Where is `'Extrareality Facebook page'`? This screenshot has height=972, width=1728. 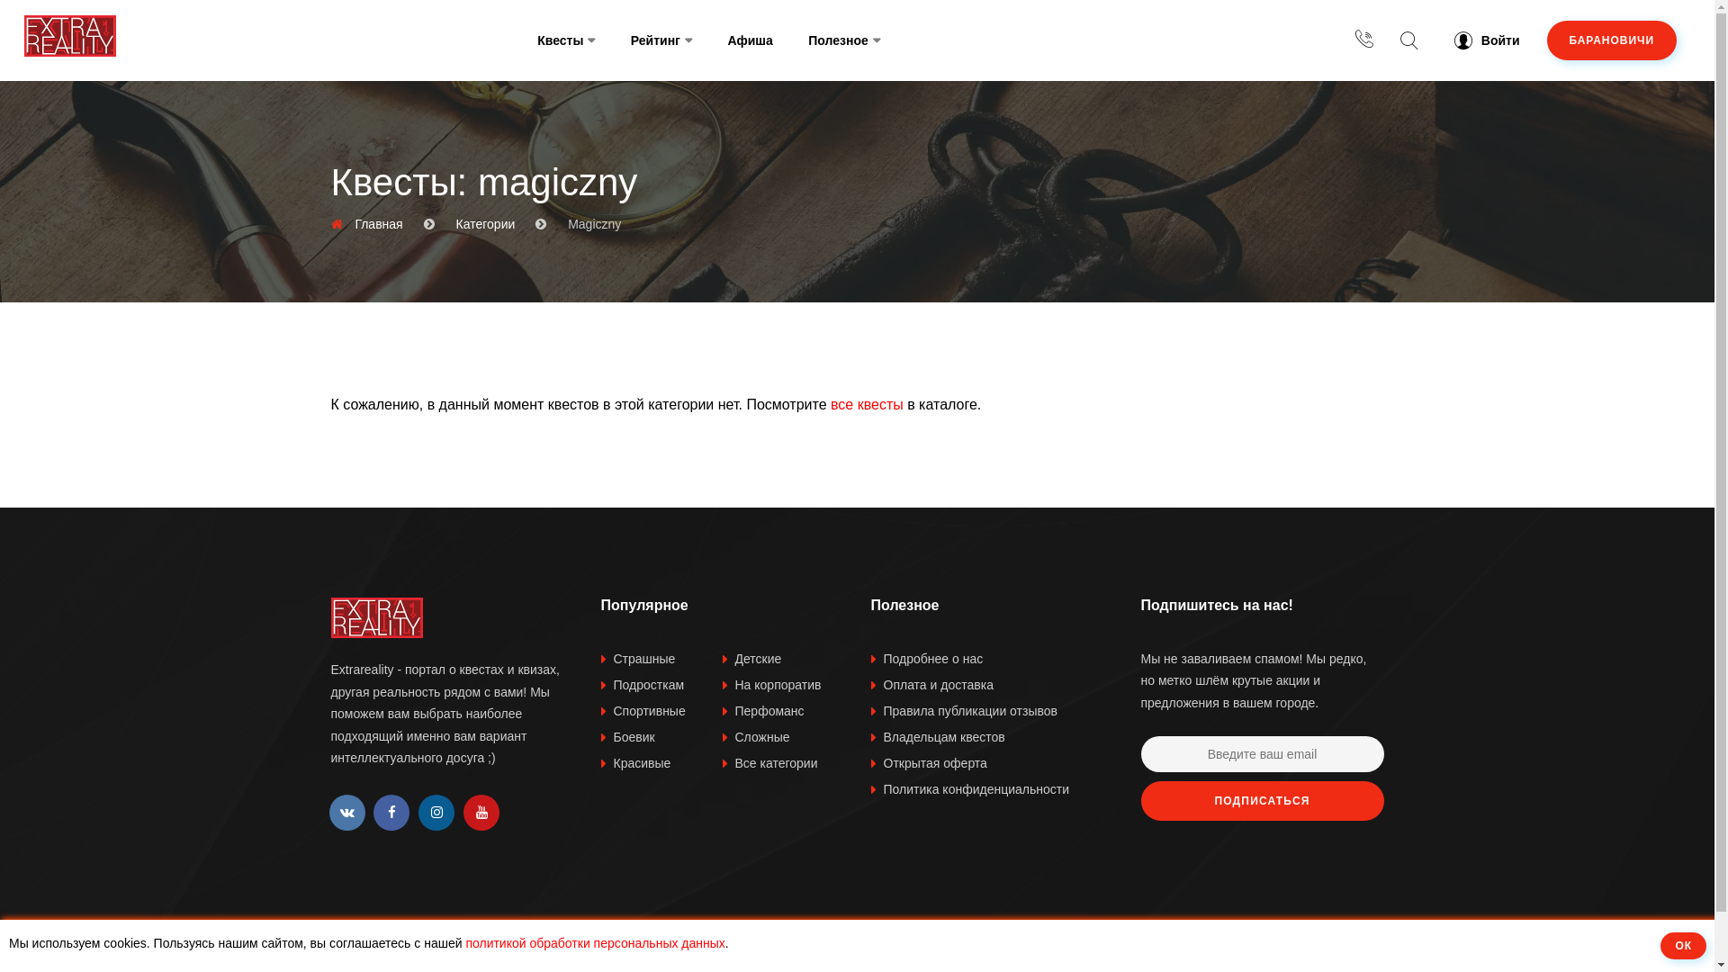 'Extrareality Facebook page' is located at coordinates (391, 812).